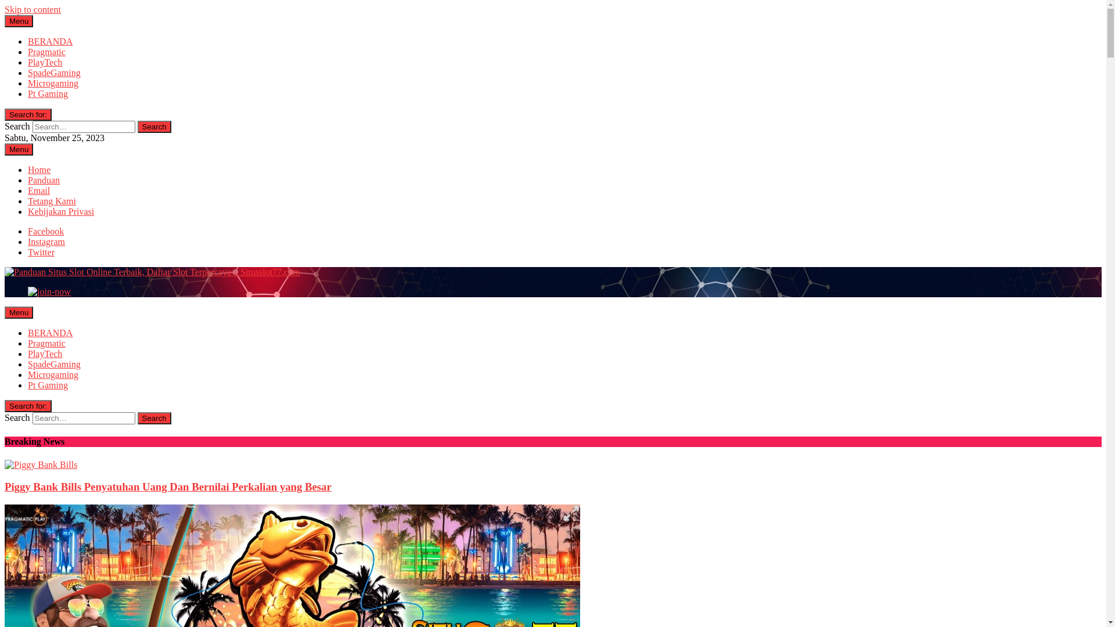 The height and width of the screenshot is (627, 1115). I want to click on 'SpadeGaming', so click(53, 73).